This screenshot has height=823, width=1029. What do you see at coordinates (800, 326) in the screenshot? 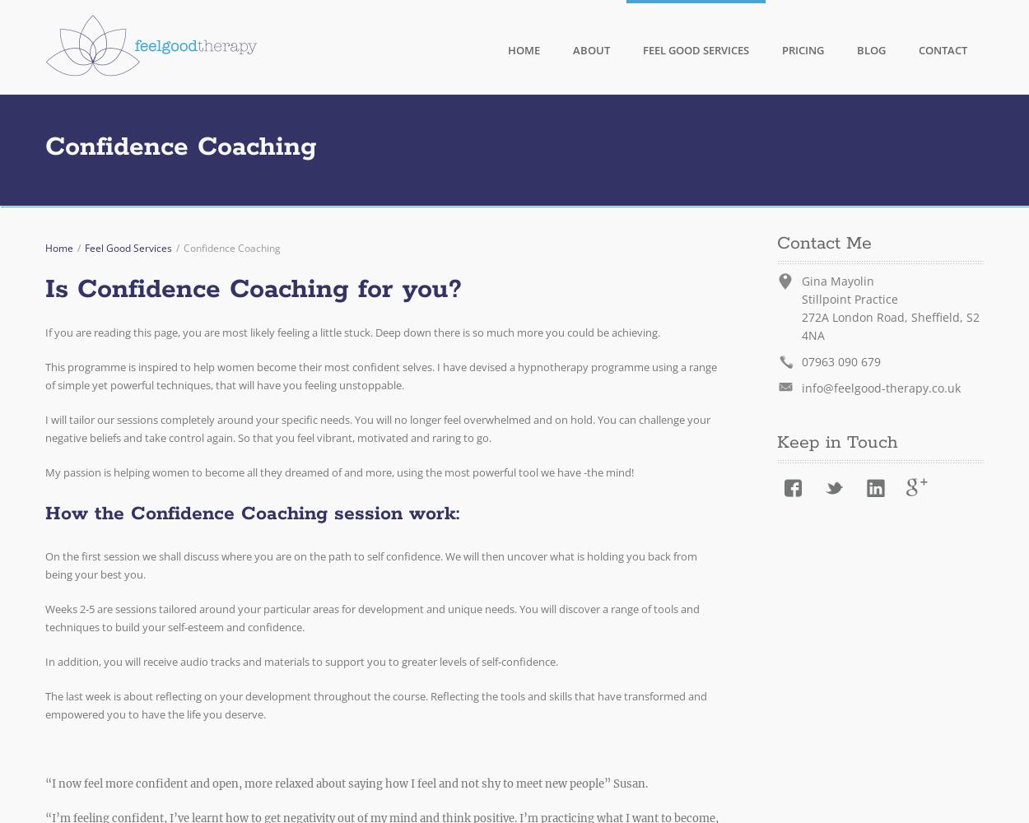
I see `'272A London Road, Sheffield, S2 4NA'` at bounding box center [800, 326].